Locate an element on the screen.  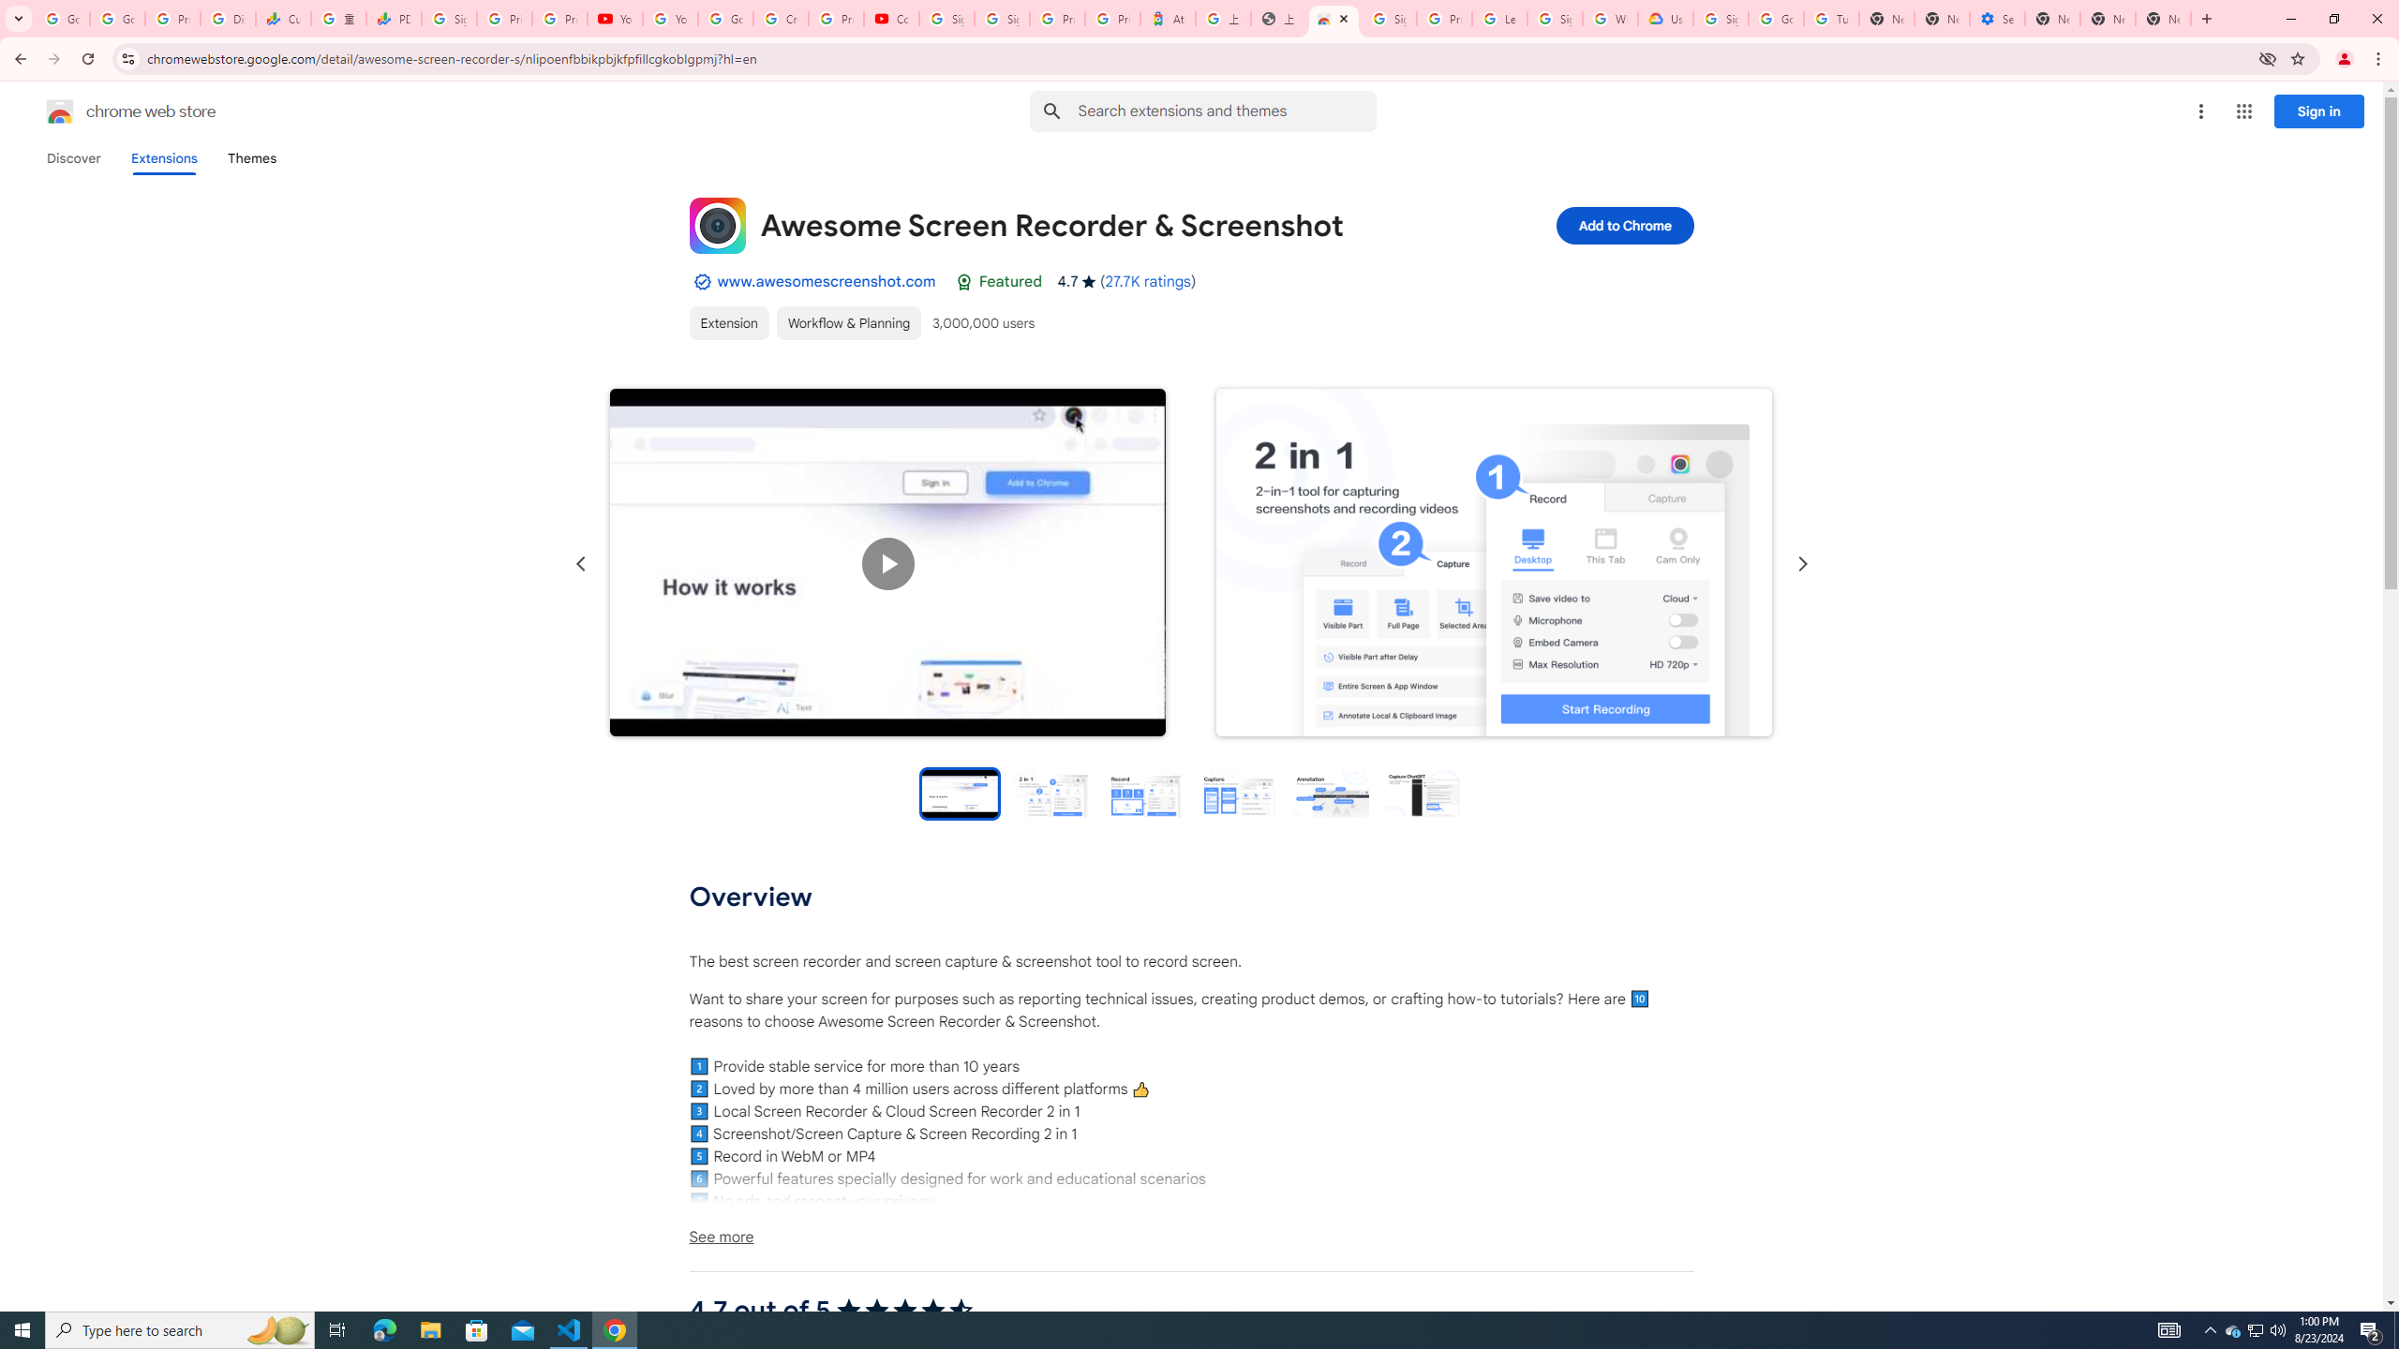
'Discover' is located at coordinates (72, 157).